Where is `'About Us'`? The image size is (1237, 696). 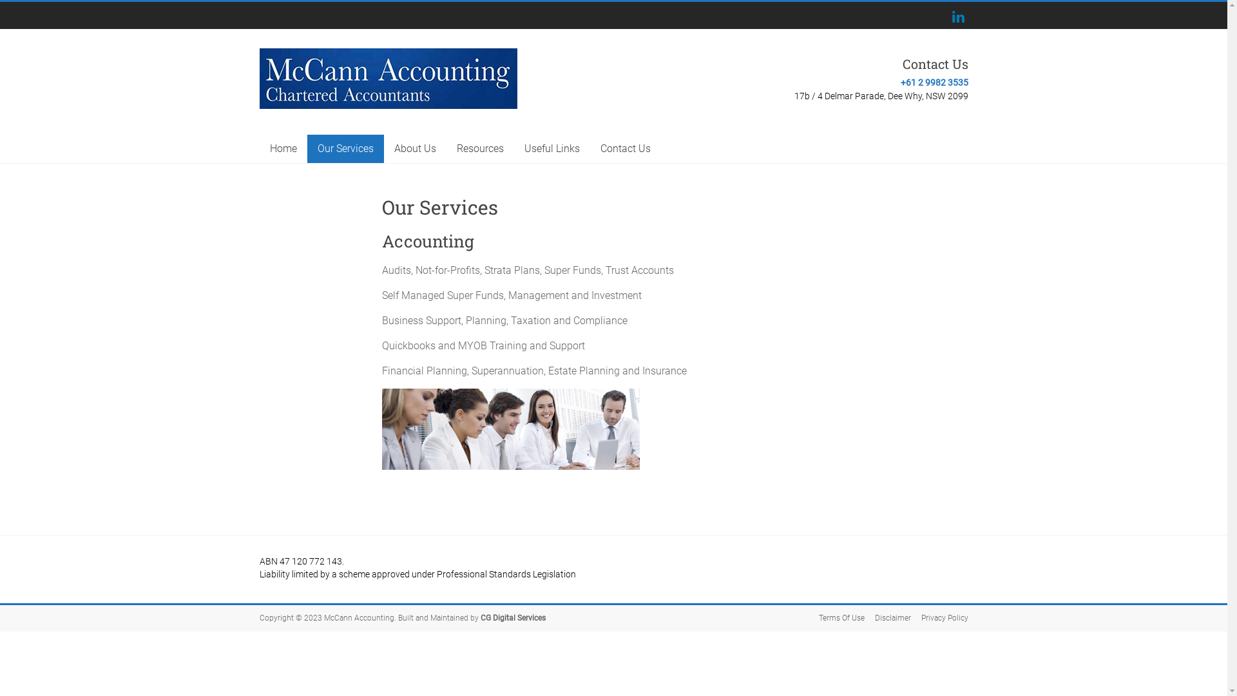 'About Us' is located at coordinates (415, 148).